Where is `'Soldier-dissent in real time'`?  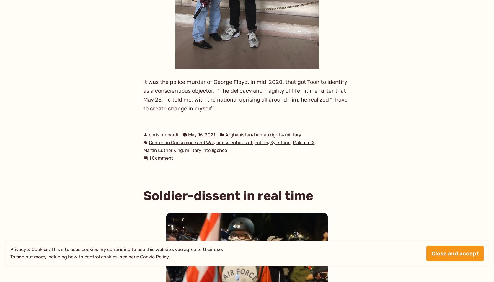
'Soldier-dissent in real time' is located at coordinates (228, 195).